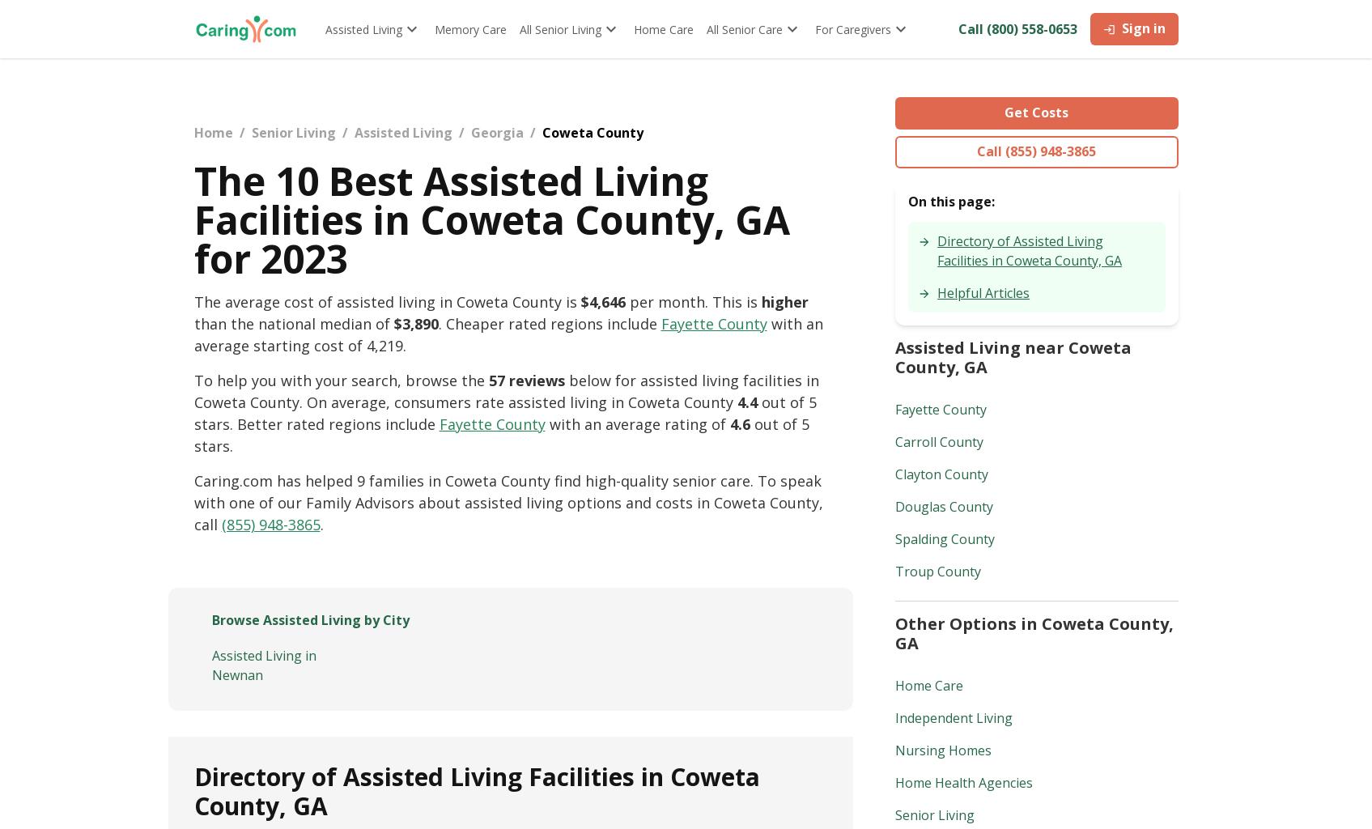 The image size is (1372, 829). I want to click on 'Home Care', so click(928, 684).